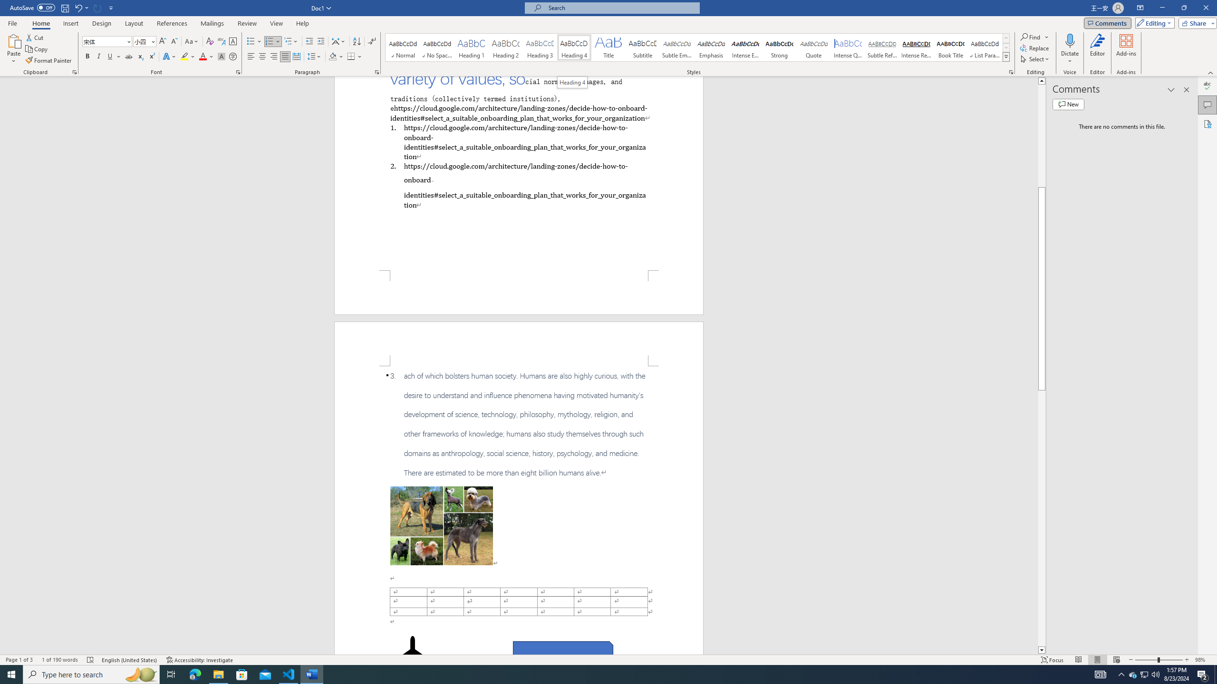  I want to click on 'Underline', so click(110, 56).